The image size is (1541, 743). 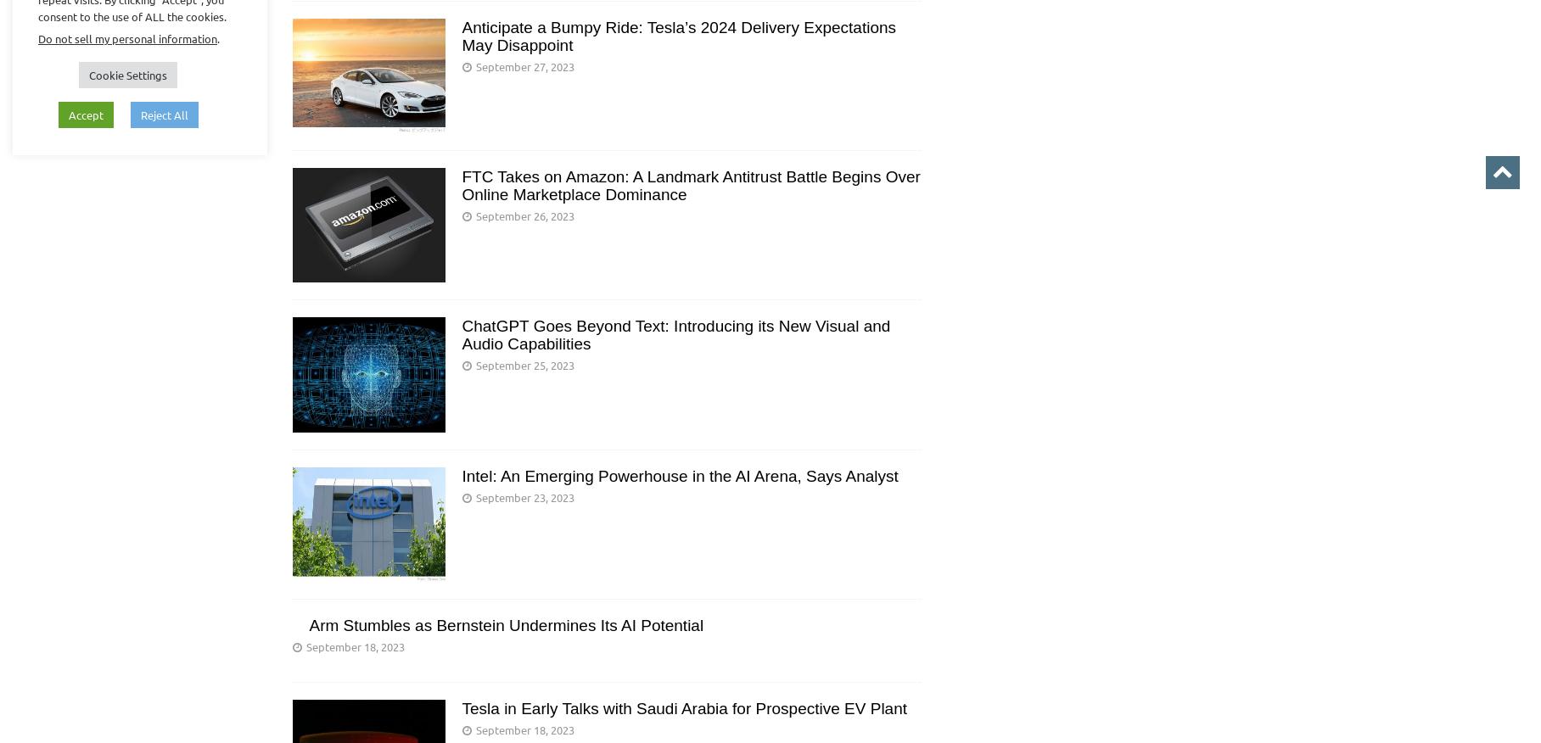 I want to click on 'FTC Takes on Amazon:  A Landmark Antitrust Battle Begins Over Online Marketplace Dominance', so click(x=689, y=186).